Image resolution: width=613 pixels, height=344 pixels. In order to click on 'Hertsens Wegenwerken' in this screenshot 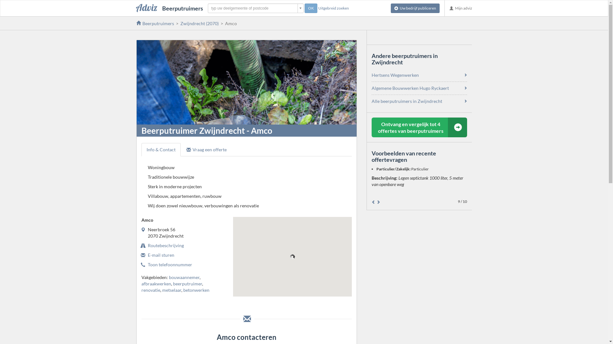, I will do `click(395, 75)`.